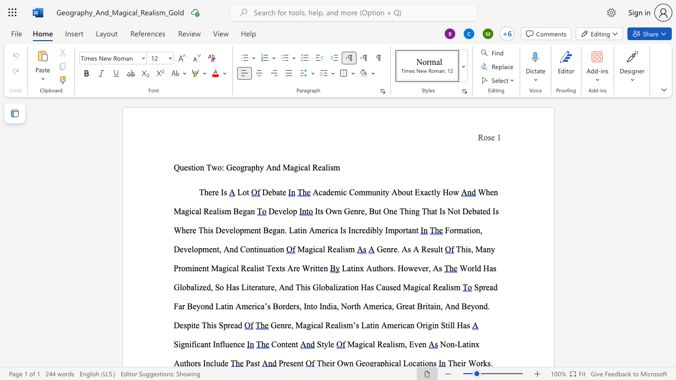 Image resolution: width=676 pixels, height=380 pixels. What do you see at coordinates (405, 192) in the screenshot?
I see `the space between the continuous character "o" and "u" in the text` at bounding box center [405, 192].